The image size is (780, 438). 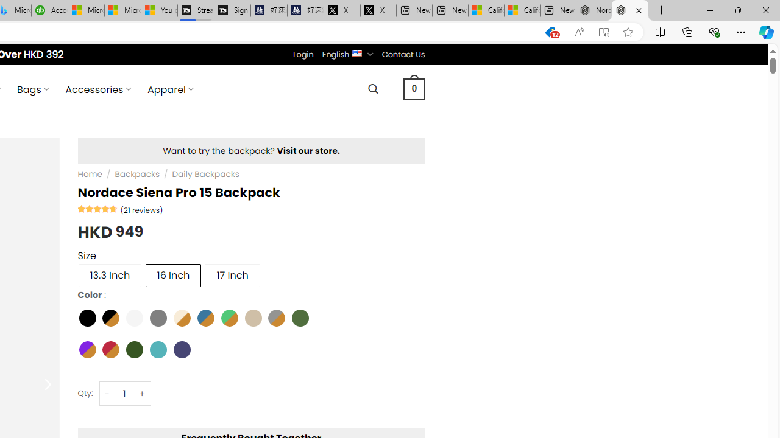 I want to click on '13.3 Inch', so click(x=110, y=275).